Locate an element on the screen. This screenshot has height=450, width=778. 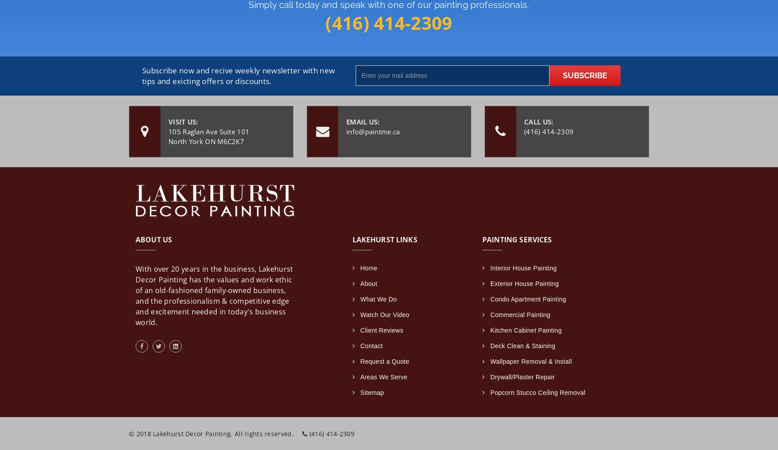
'Drywall/Plaster Repair' is located at coordinates (522, 376).